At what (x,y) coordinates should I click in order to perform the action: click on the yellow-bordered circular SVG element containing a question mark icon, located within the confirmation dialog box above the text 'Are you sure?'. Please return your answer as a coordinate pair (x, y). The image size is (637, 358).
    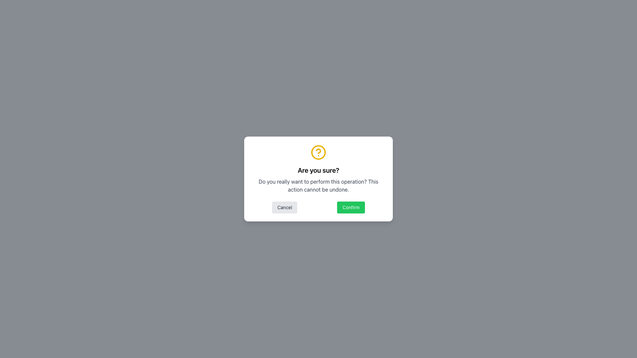
    Looking at the image, I should click on (318, 152).